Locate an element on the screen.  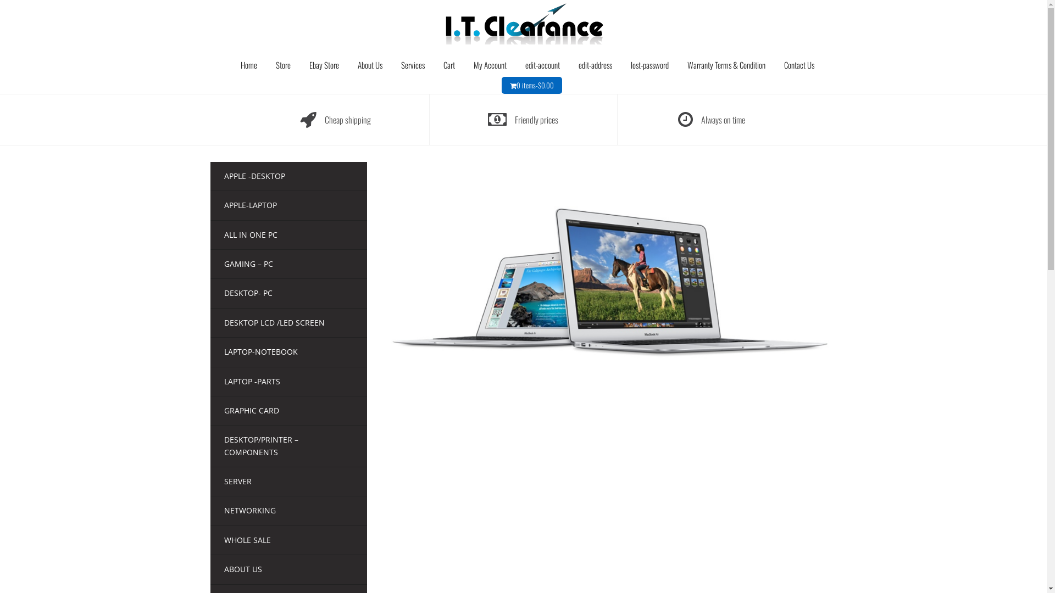
'Warranty Terms & Condition' is located at coordinates (726, 65).